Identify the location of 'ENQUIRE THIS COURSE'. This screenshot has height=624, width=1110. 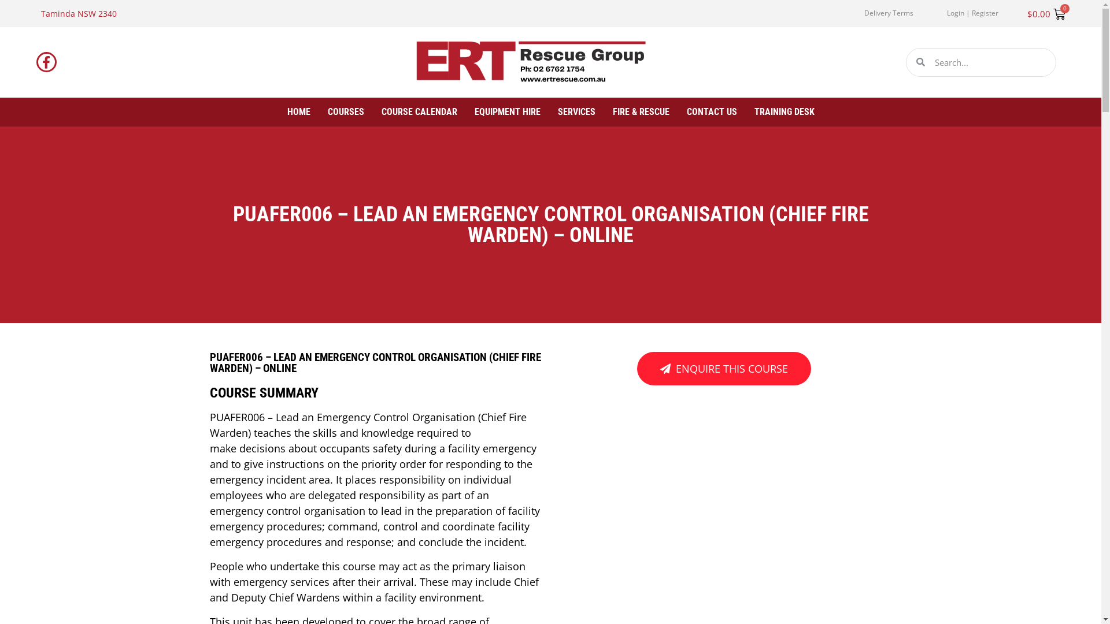
(723, 368).